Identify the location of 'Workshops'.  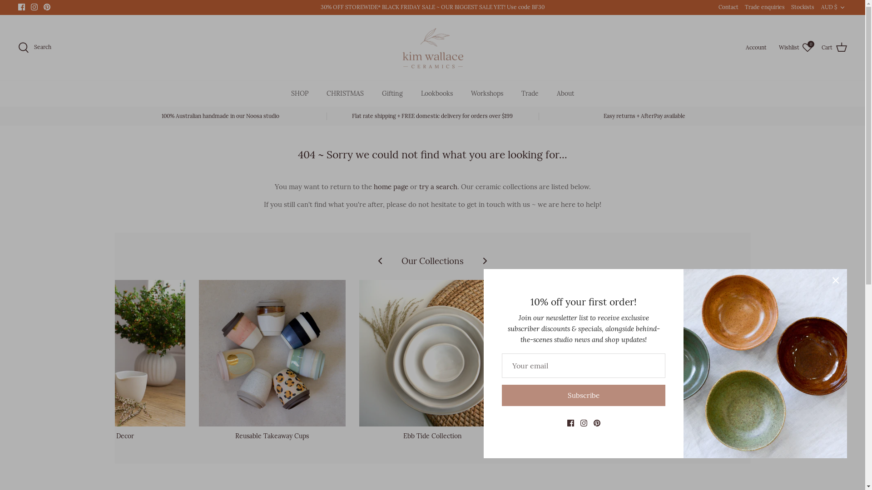
(486, 93).